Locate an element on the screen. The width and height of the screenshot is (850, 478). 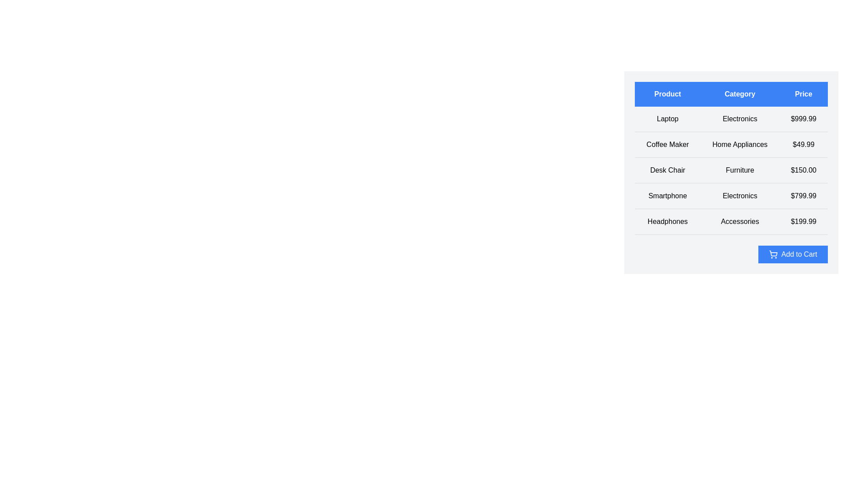
the Text Display element that shows the price '$799.99' located in the fourth row of the table under the 'Price' column for the product 'Smartphone' is located at coordinates (804, 196).